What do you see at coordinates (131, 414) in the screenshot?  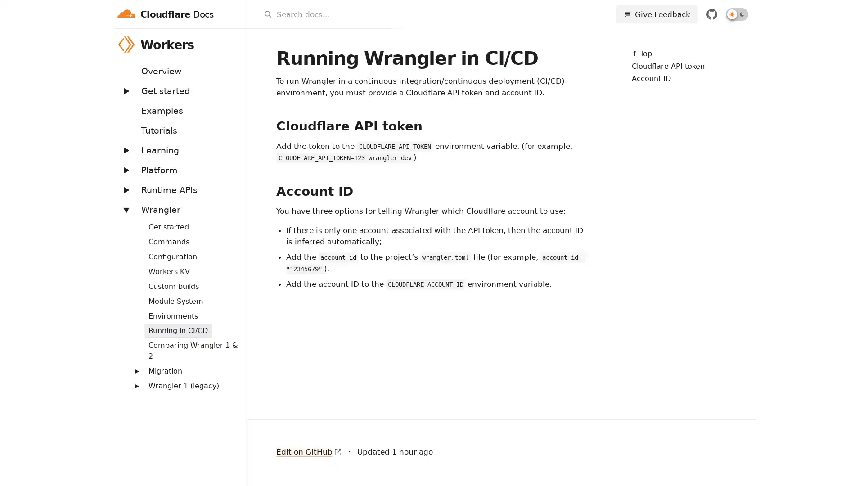 I see `Expand: Streams` at bounding box center [131, 414].